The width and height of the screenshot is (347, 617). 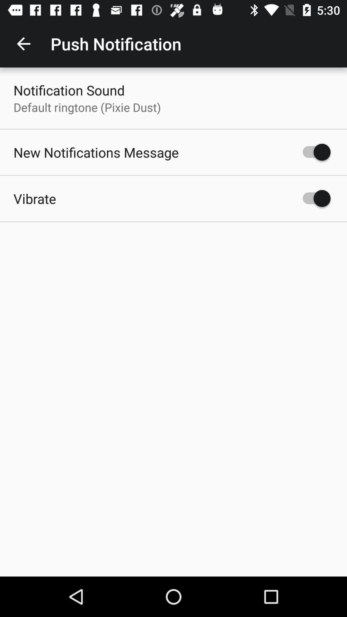 What do you see at coordinates (69, 90) in the screenshot?
I see `notification sound icon` at bounding box center [69, 90].